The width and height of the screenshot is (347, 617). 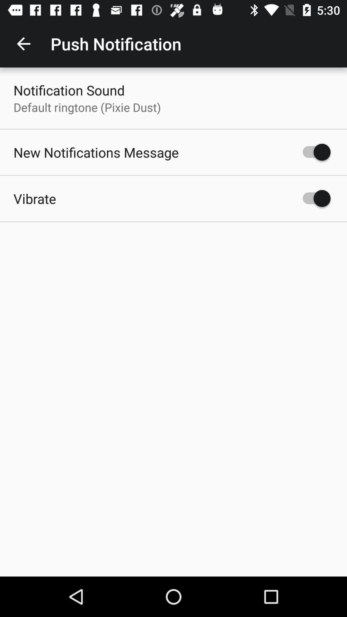 What do you see at coordinates (69, 90) in the screenshot?
I see `notification sound icon` at bounding box center [69, 90].